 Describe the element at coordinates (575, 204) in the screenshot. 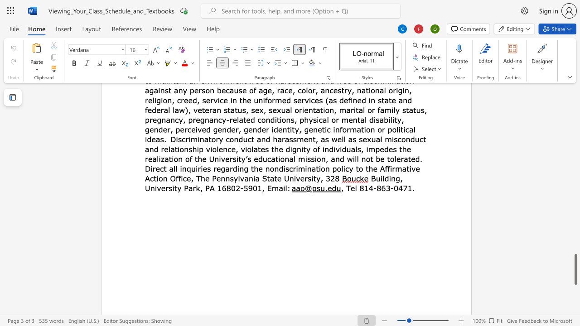

I see `the vertical scrollbar to raise the page content` at that location.